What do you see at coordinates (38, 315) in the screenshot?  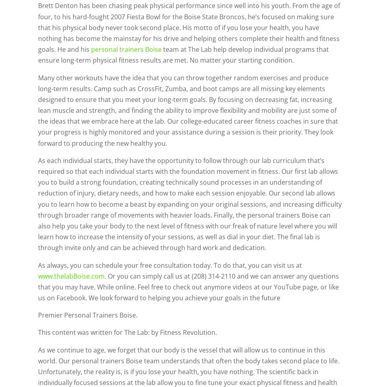 I see `'Premier Personal Trainers Boise.'` at bounding box center [38, 315].